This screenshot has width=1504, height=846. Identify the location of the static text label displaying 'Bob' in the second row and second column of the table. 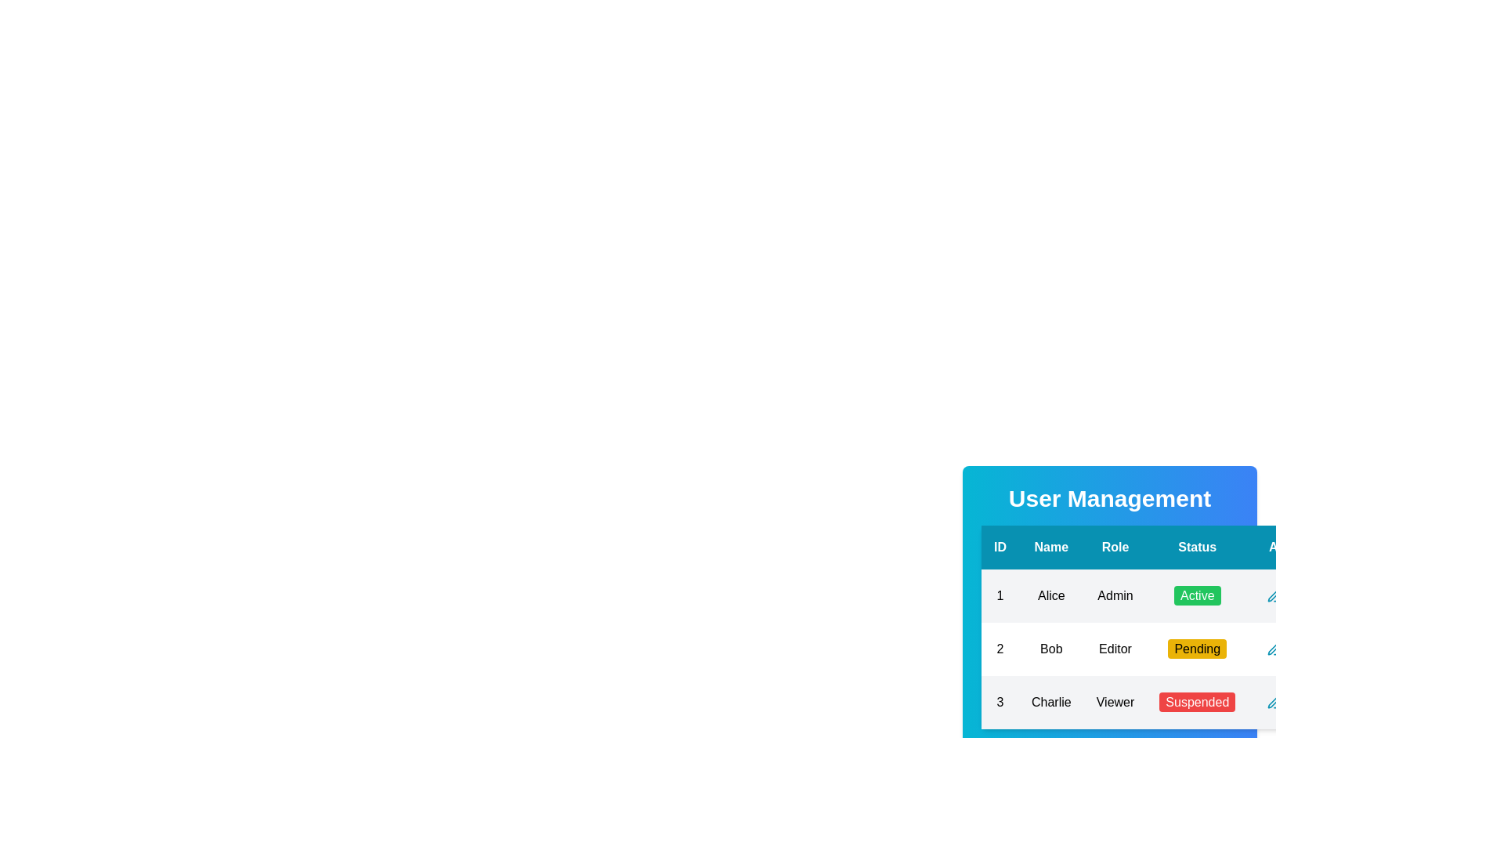
(1051, 649).